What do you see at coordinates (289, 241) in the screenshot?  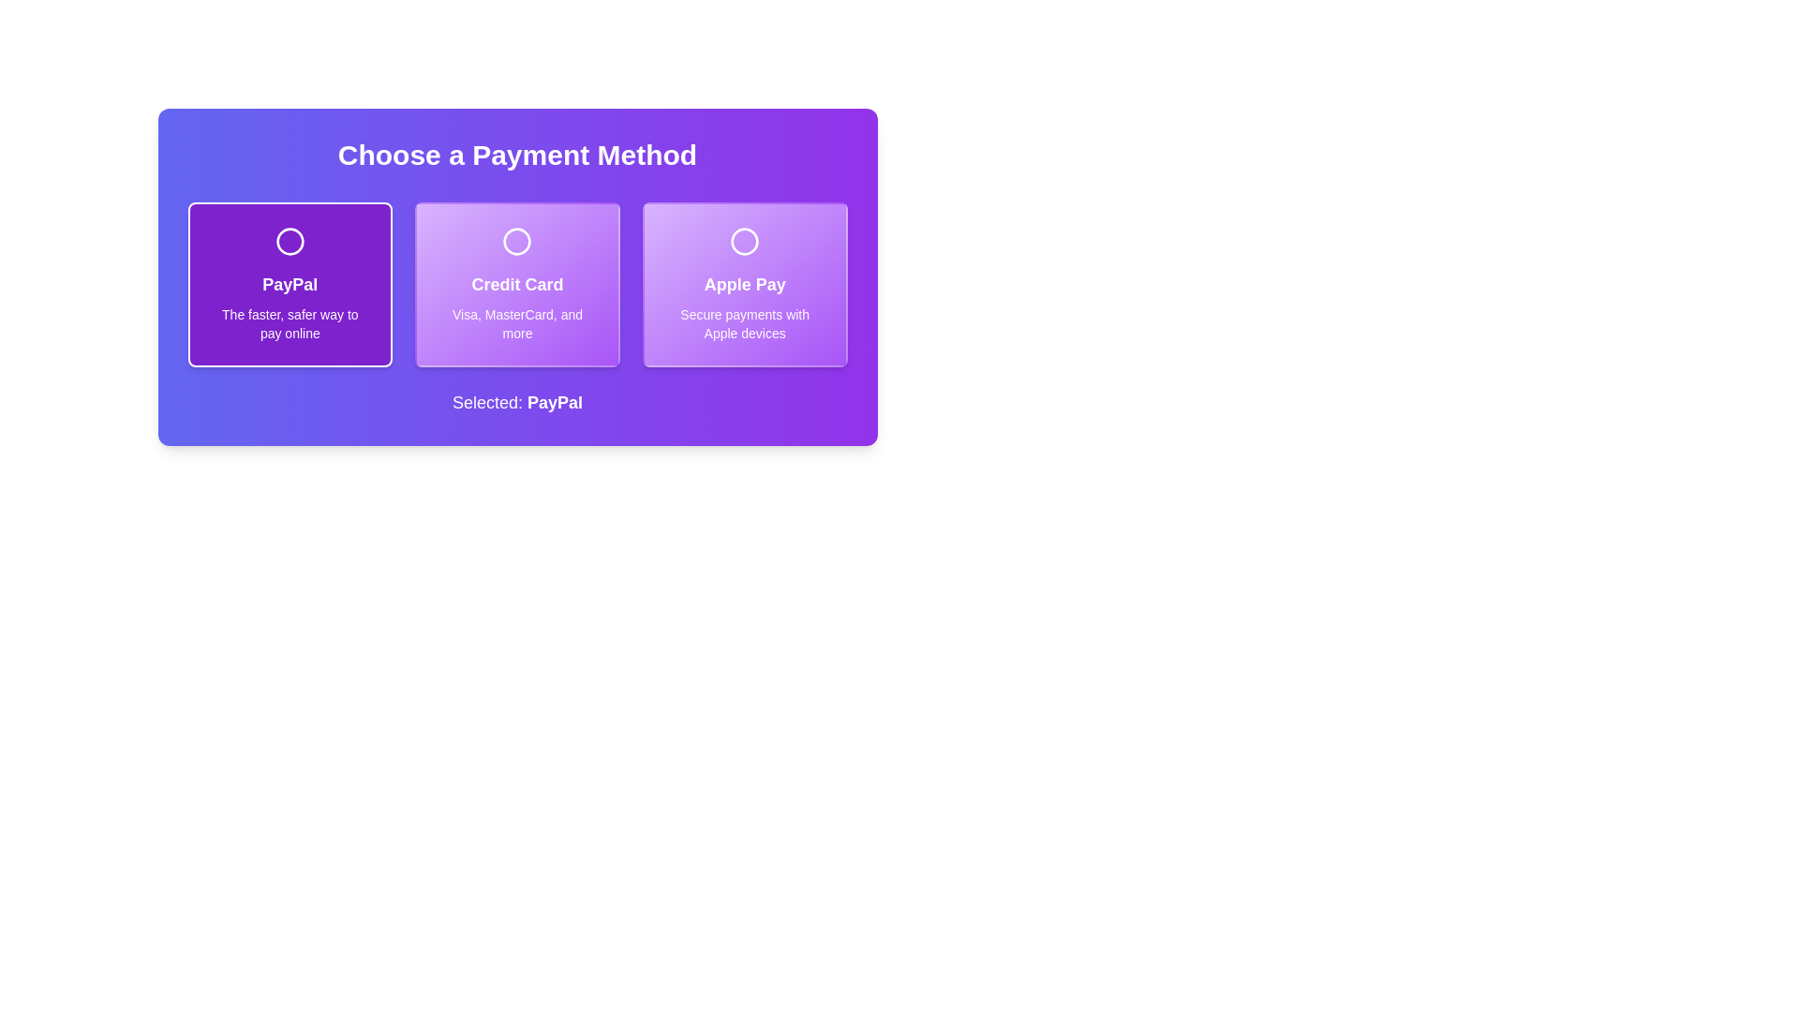 I see `the decorative graphical component of the PayPal payment option icon, which is centered within the purple selection box titled 'PayPal'` at bounding box center [289, 241].